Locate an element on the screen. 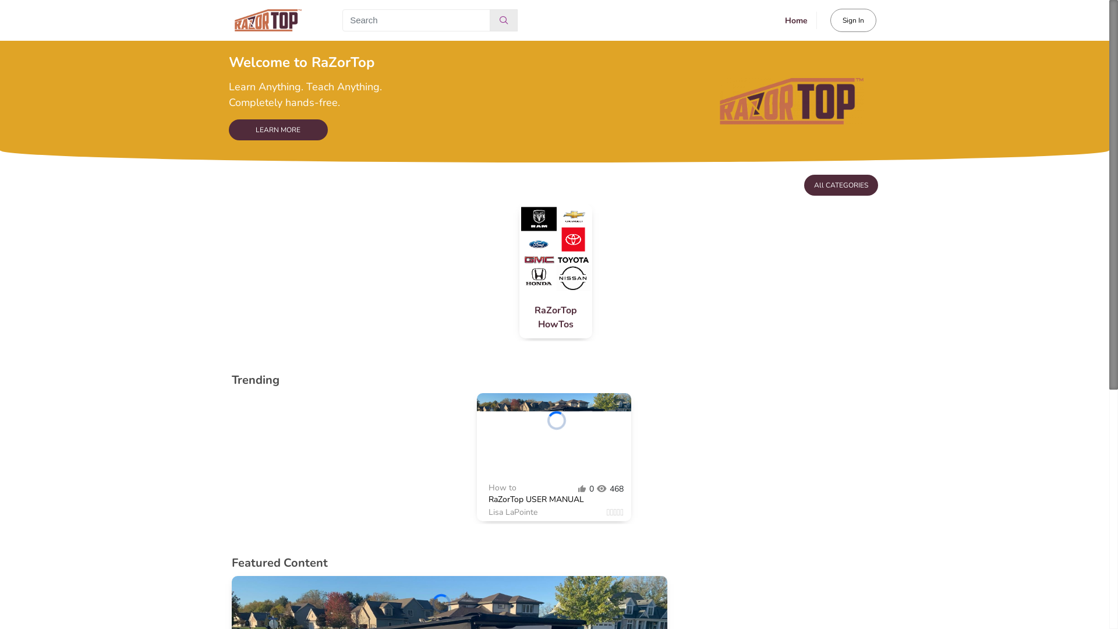 The height and width of the screenshot is (629, 1118). 'LEARN MORE' is located at coordinates (277, 130).